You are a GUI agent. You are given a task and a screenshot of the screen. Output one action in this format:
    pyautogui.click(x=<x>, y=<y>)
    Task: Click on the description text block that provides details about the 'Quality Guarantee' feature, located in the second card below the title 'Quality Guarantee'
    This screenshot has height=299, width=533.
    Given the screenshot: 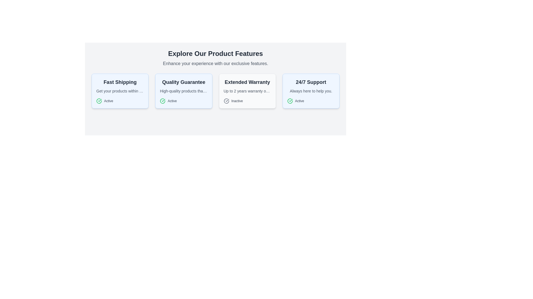 What is the action you would take?
    pyautogui.click(x=183, y=91)
    